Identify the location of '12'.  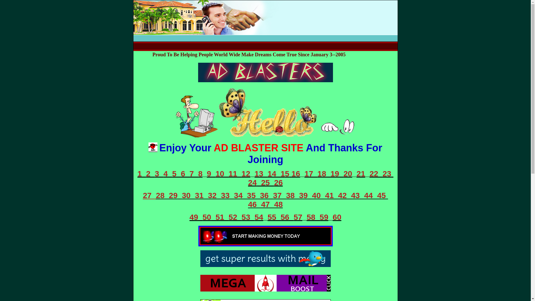
(245, 173).